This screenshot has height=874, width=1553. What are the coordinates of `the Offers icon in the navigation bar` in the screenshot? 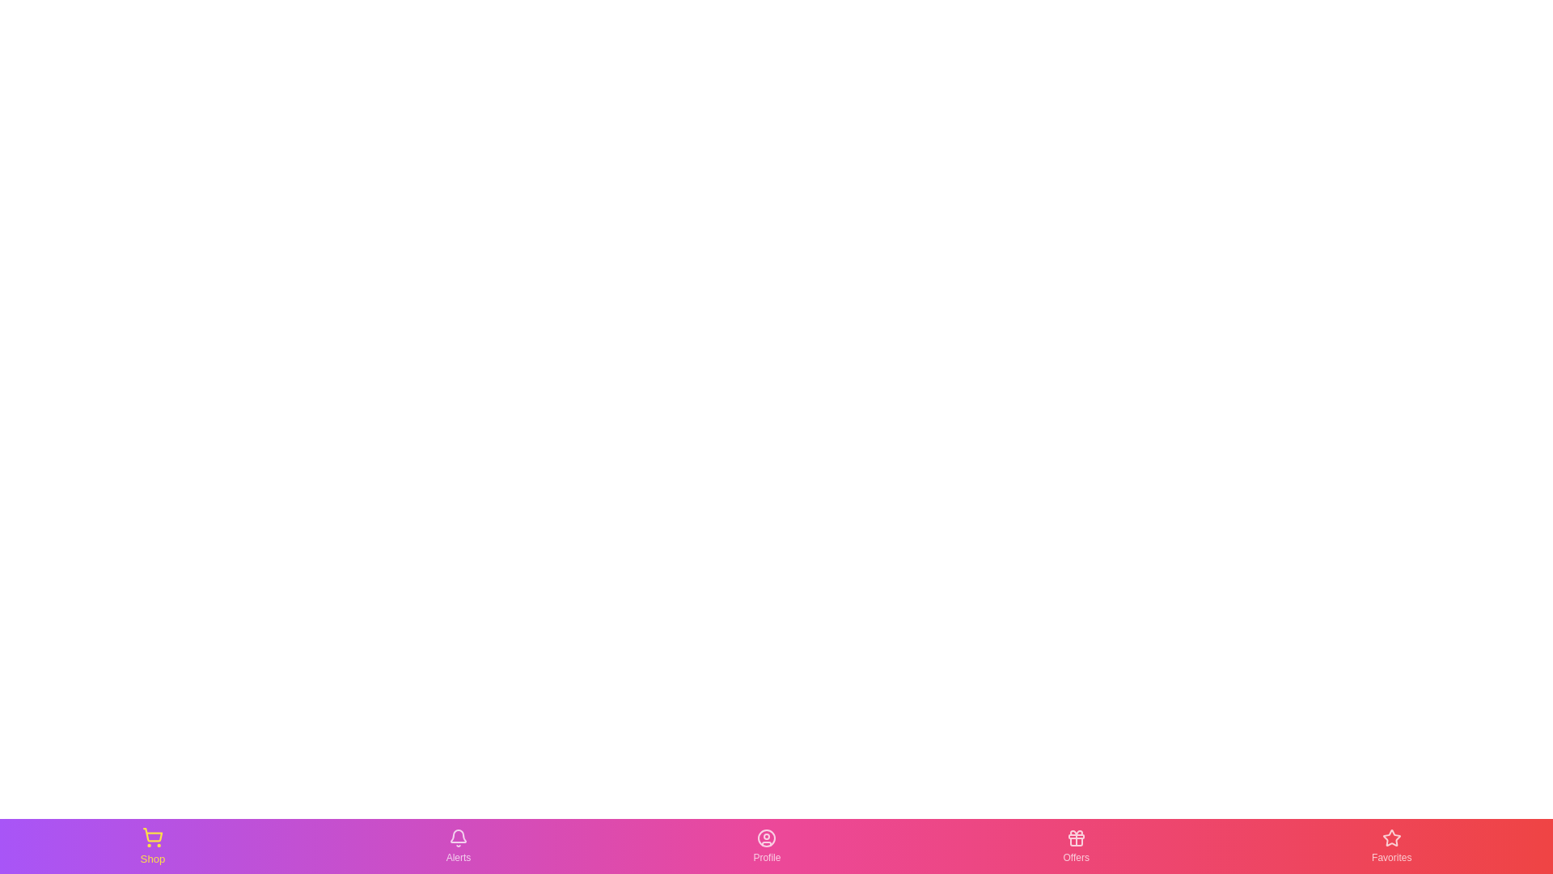 It's located at (1076, 845).